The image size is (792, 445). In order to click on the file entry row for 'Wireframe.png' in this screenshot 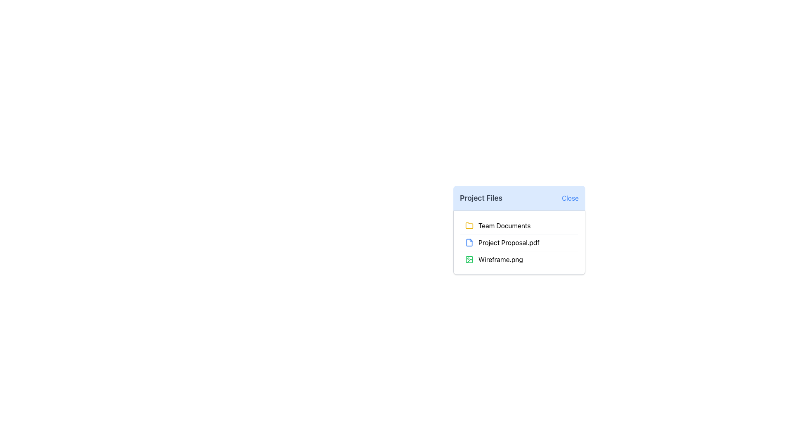, I will do `click(519, 258)`.